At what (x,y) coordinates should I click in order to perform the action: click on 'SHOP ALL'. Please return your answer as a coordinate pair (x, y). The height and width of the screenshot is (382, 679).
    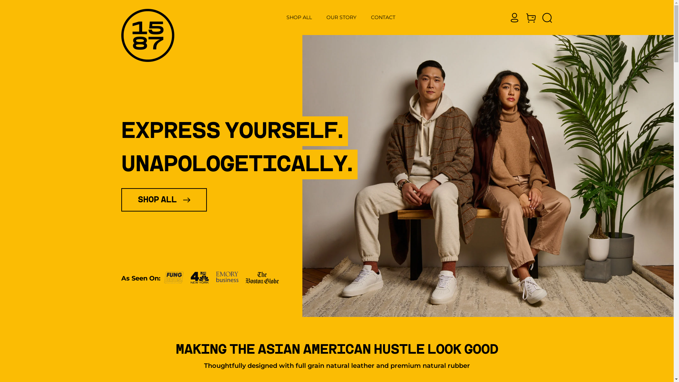
    Looking at the image, I should click on (299, 17).